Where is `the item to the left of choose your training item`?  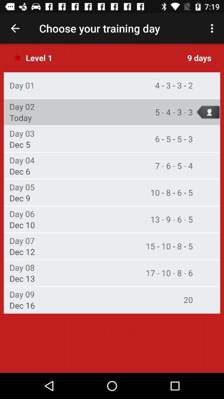 the item to the left of choose your training item is located at coordinates (15, 28).